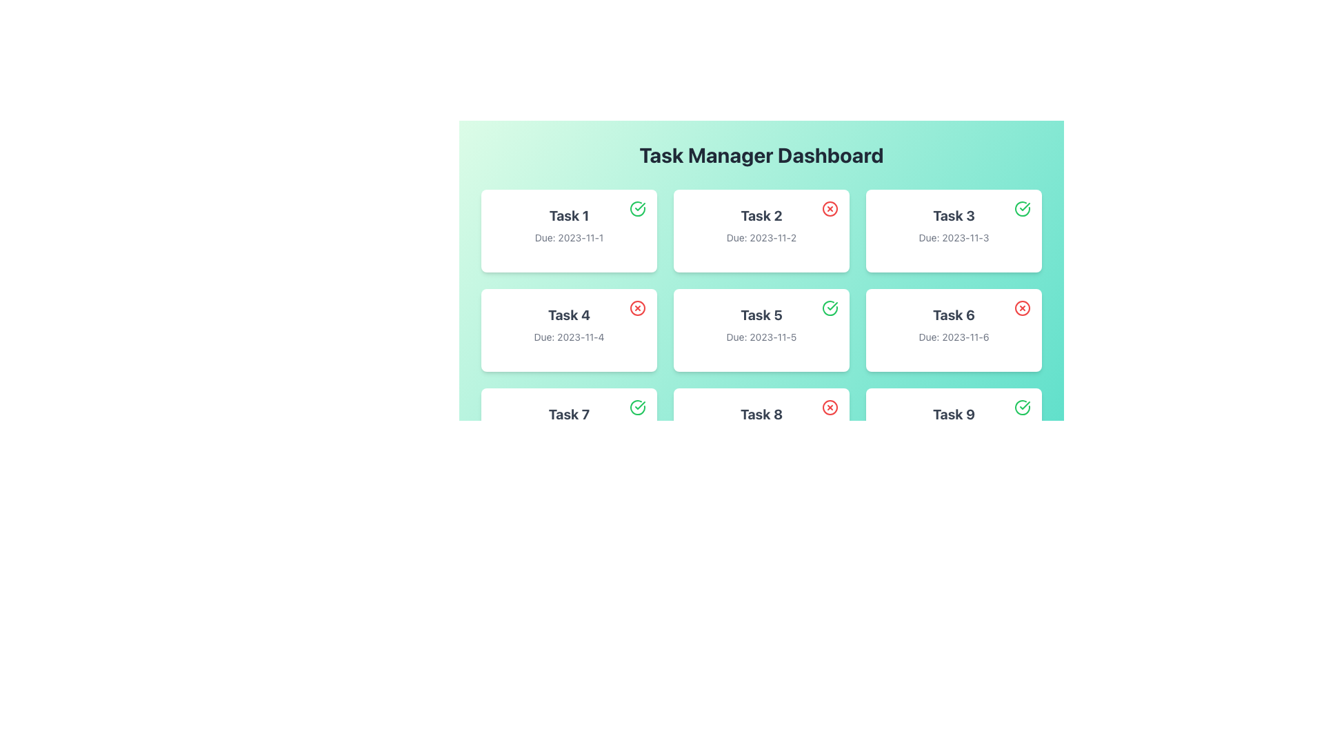 The width and height of the screenshot is (1324, 745). What do you see at coordinates (569, 315) in the screenshot?
I see `the text display element that shows 'Task 4' in bold and large dark gray font, located above the due date section within a white card` at bounding box center [569, 315].